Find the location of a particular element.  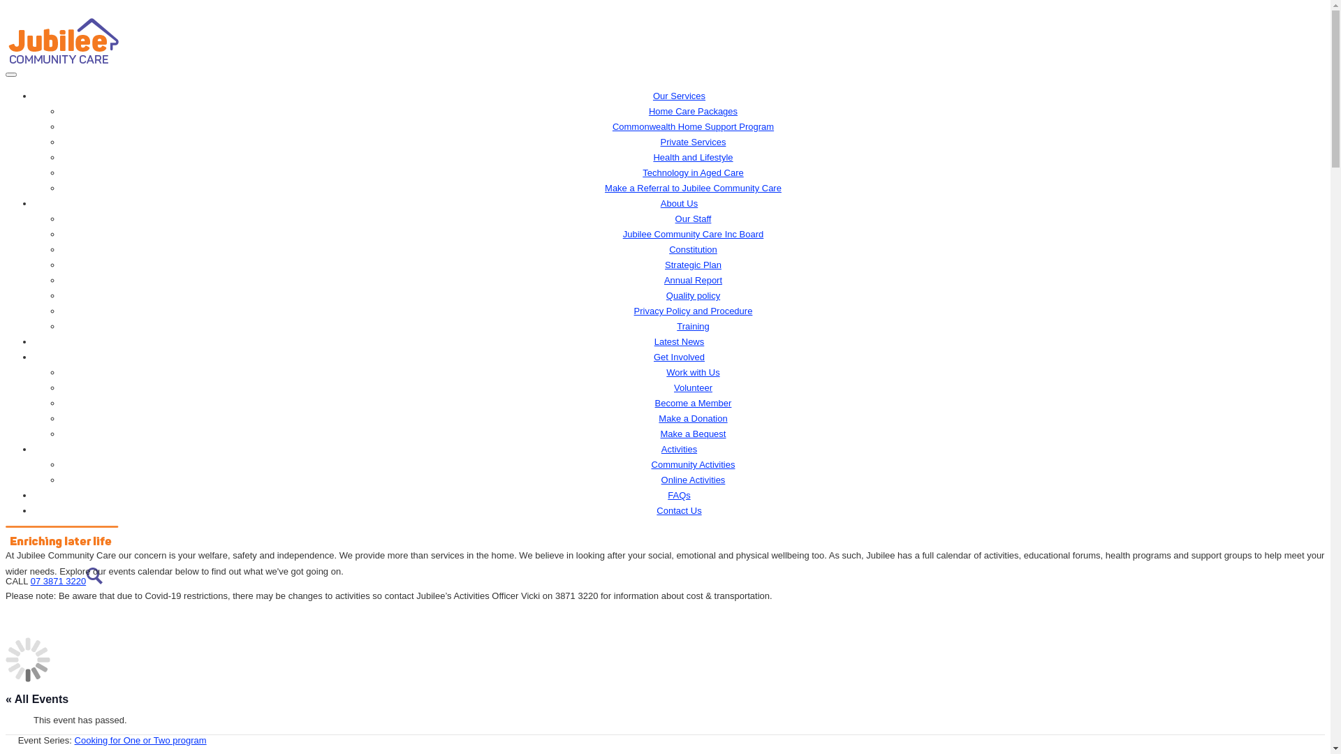

'07 3871 3220' is located at coordinates (58, 581).